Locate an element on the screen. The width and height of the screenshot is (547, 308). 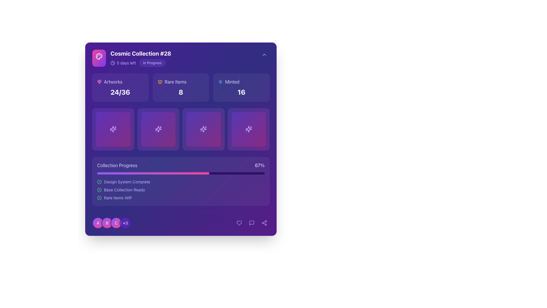
the violet share button with a triangular shape and connected circles is located at coordinates (264, 222).